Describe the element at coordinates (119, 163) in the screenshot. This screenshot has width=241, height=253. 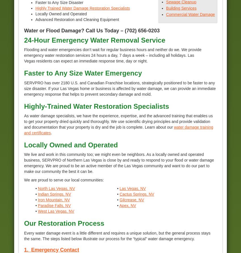
I see `'We live and work in this community too; we might even be neighbors. As a locally owned and operated business, SERVPRO of Northern Las Vegas is close by and ready to respond to your flood or water damage emergency. We are proud to be an active member of the Las Vegas community and want to do our part to make our community the best it can be.'` at that location.